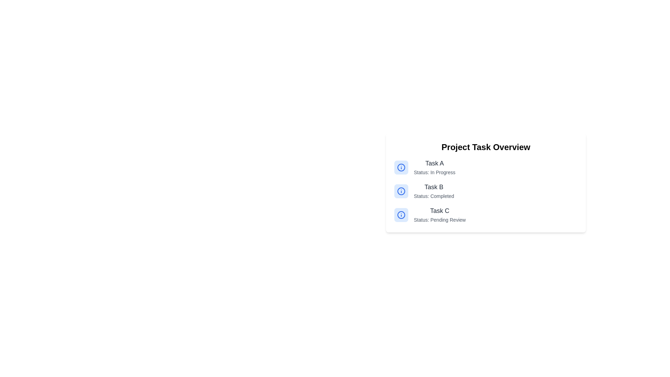  I want to click on the informational icon located to the left of the text 'Task C\nStatus: Pending Review', so click(401, 215).